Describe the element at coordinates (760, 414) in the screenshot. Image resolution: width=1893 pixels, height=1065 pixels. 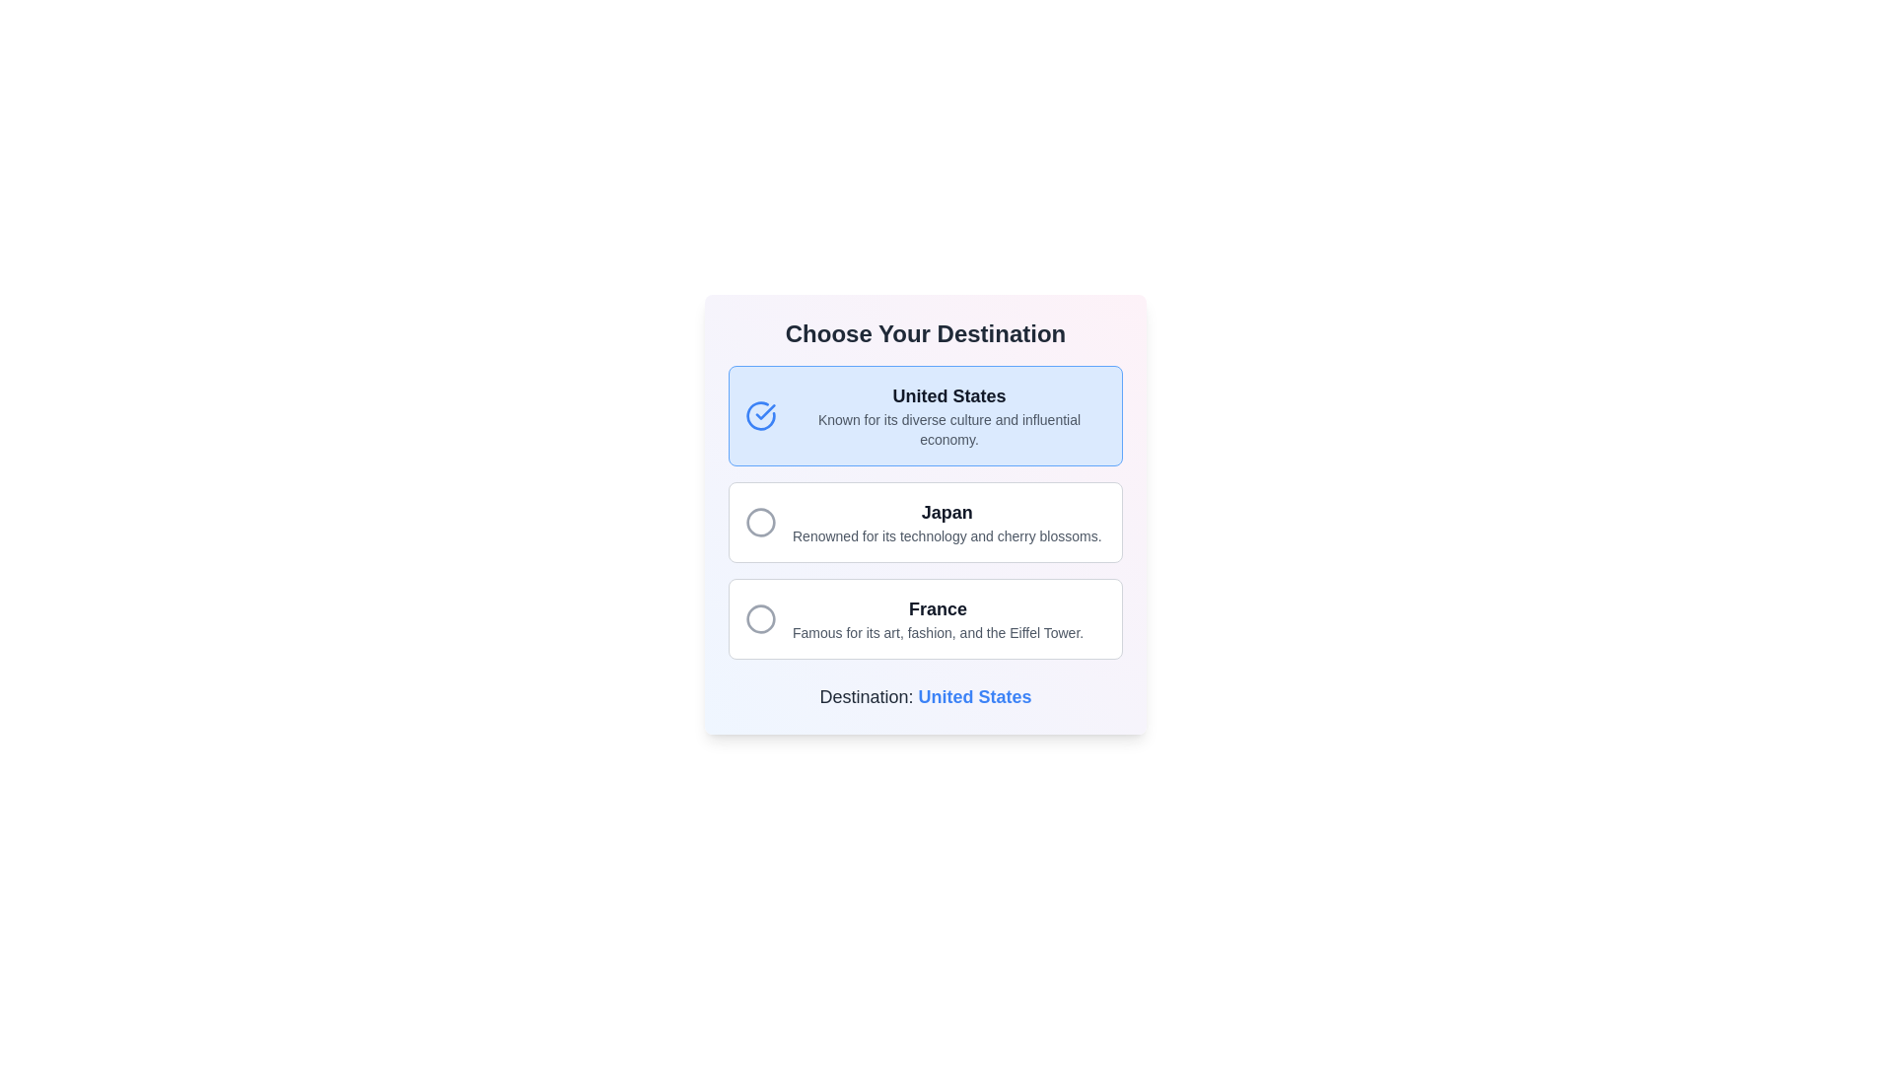
I see `the icon indicating that the 'United States' option is selected` at that location.